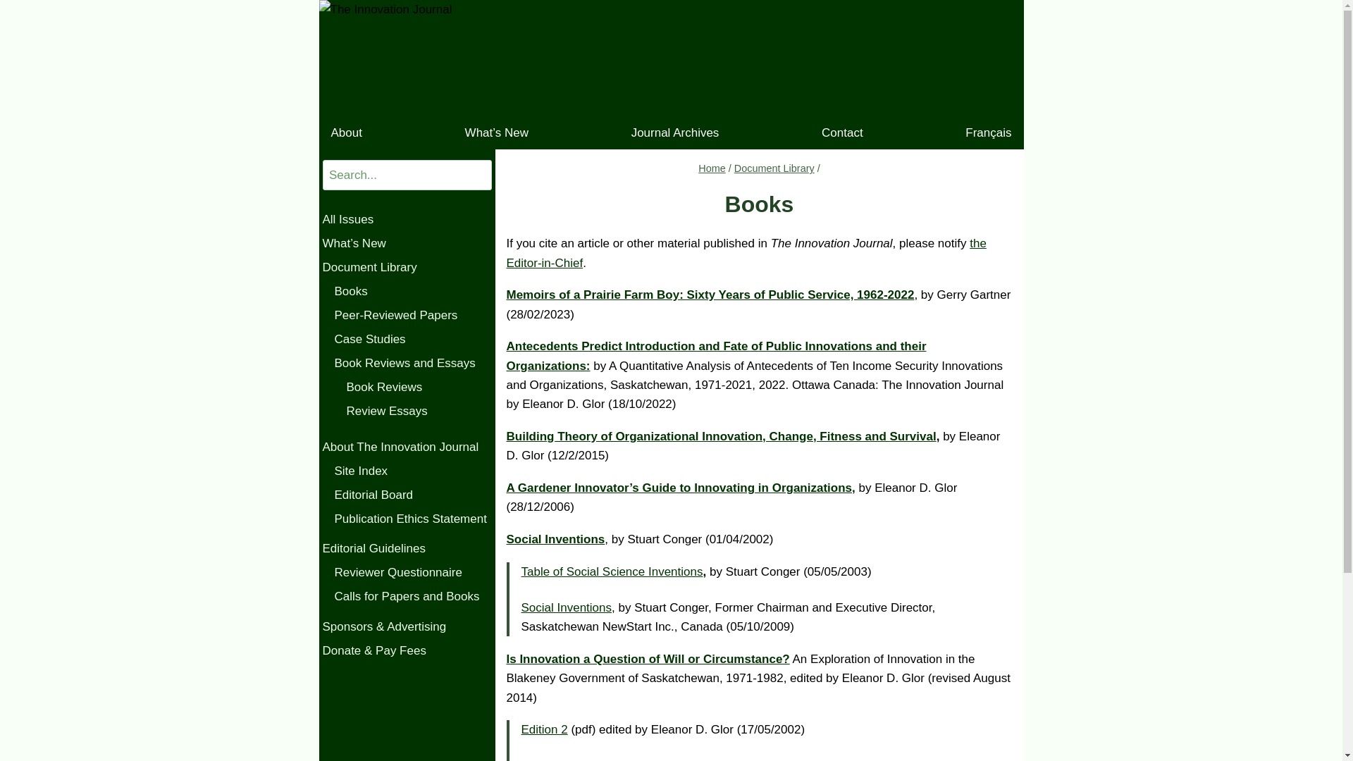 The height and width of the screenshot is (761, 1353). I want to click on 'Table of Social Science Inventions', so click(612, 571).